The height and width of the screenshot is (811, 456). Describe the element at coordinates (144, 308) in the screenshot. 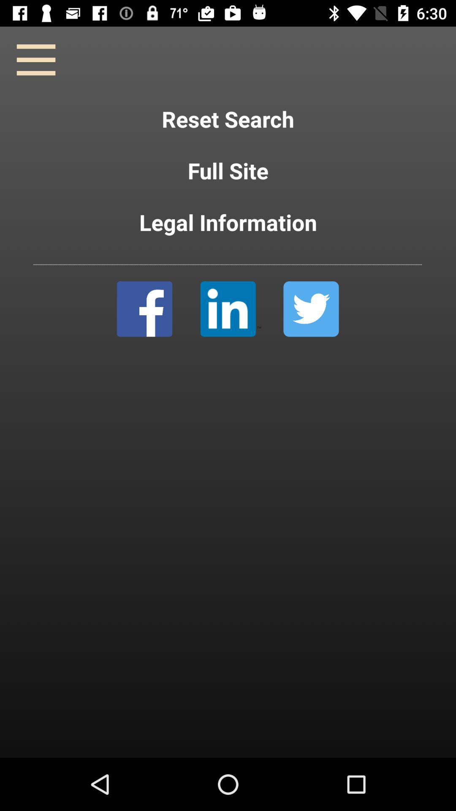

I see `the app facebook page` at that location.